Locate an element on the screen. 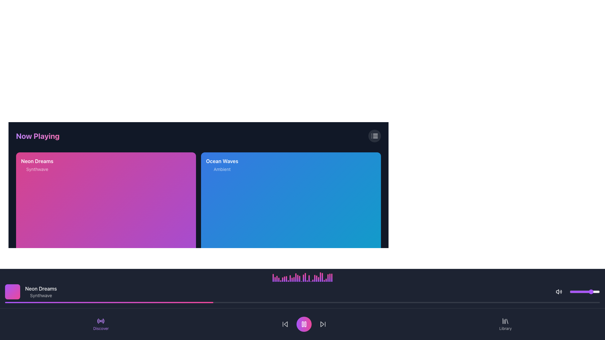 The height and width of the screenshot is (340, 605). the second-to-last vertical bar in a horizontal bar chart, which has a gradient color from purple to pink and rounded upper corners is located at coordinates (329, 278).